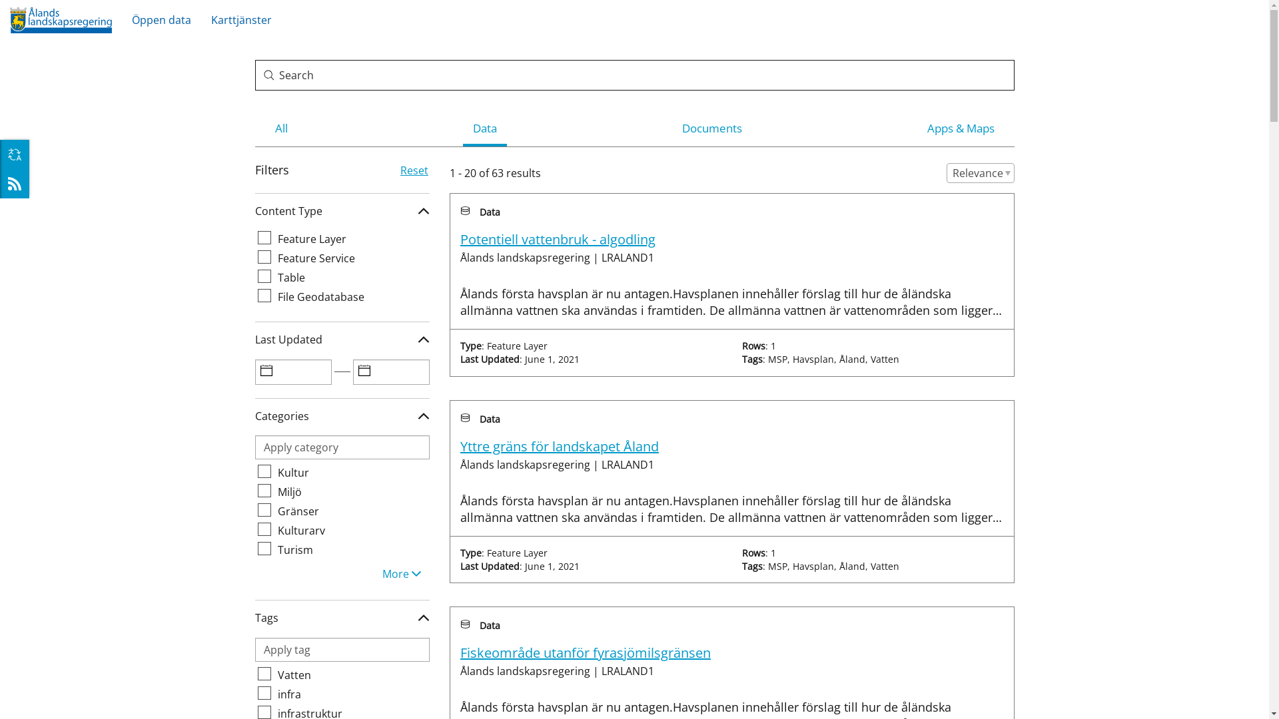 The height and width of the screenshot is (719, 1279). What do you see at coordinates (398, 169) in the screenshot?
I see `'Reset'` at bounding box center [398, 169].